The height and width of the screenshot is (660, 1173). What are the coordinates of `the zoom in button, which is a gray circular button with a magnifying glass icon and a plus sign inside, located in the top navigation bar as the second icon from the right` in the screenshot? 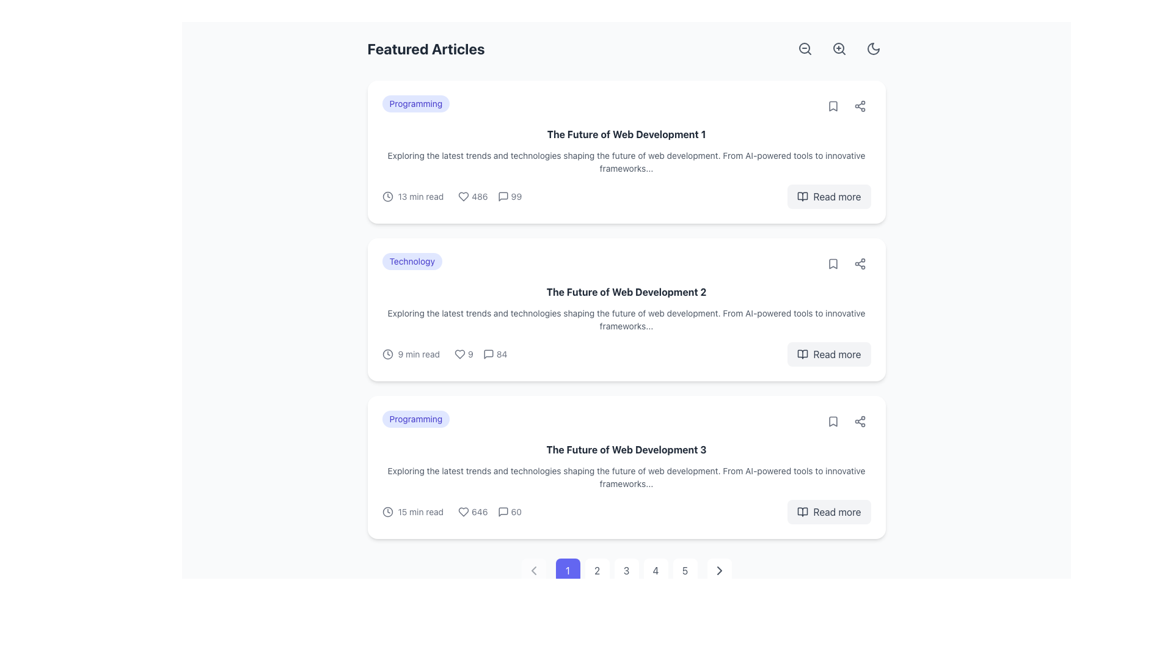 It's located at (838, 48).